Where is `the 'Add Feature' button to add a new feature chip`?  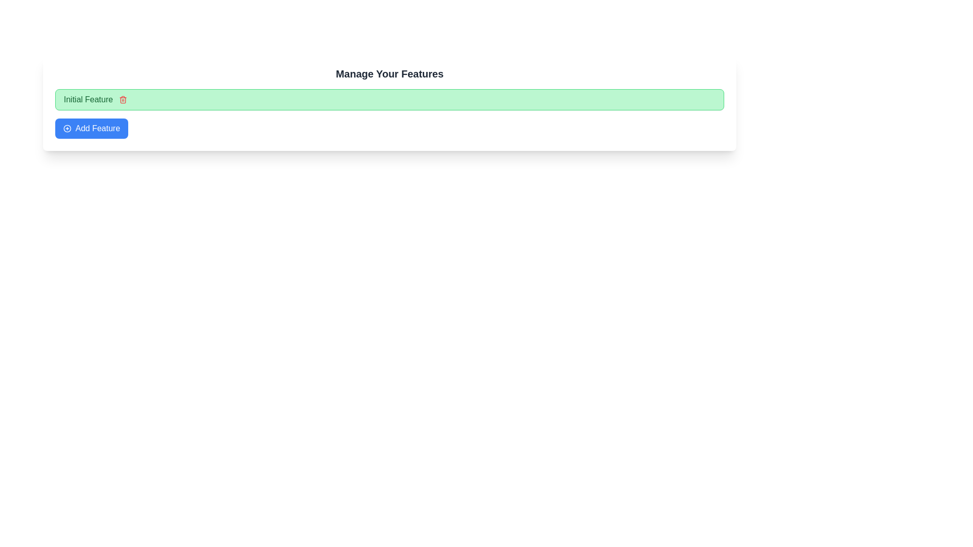
the 'Add Feature' button to add a new feature chip is located at coordinates (92, 128).